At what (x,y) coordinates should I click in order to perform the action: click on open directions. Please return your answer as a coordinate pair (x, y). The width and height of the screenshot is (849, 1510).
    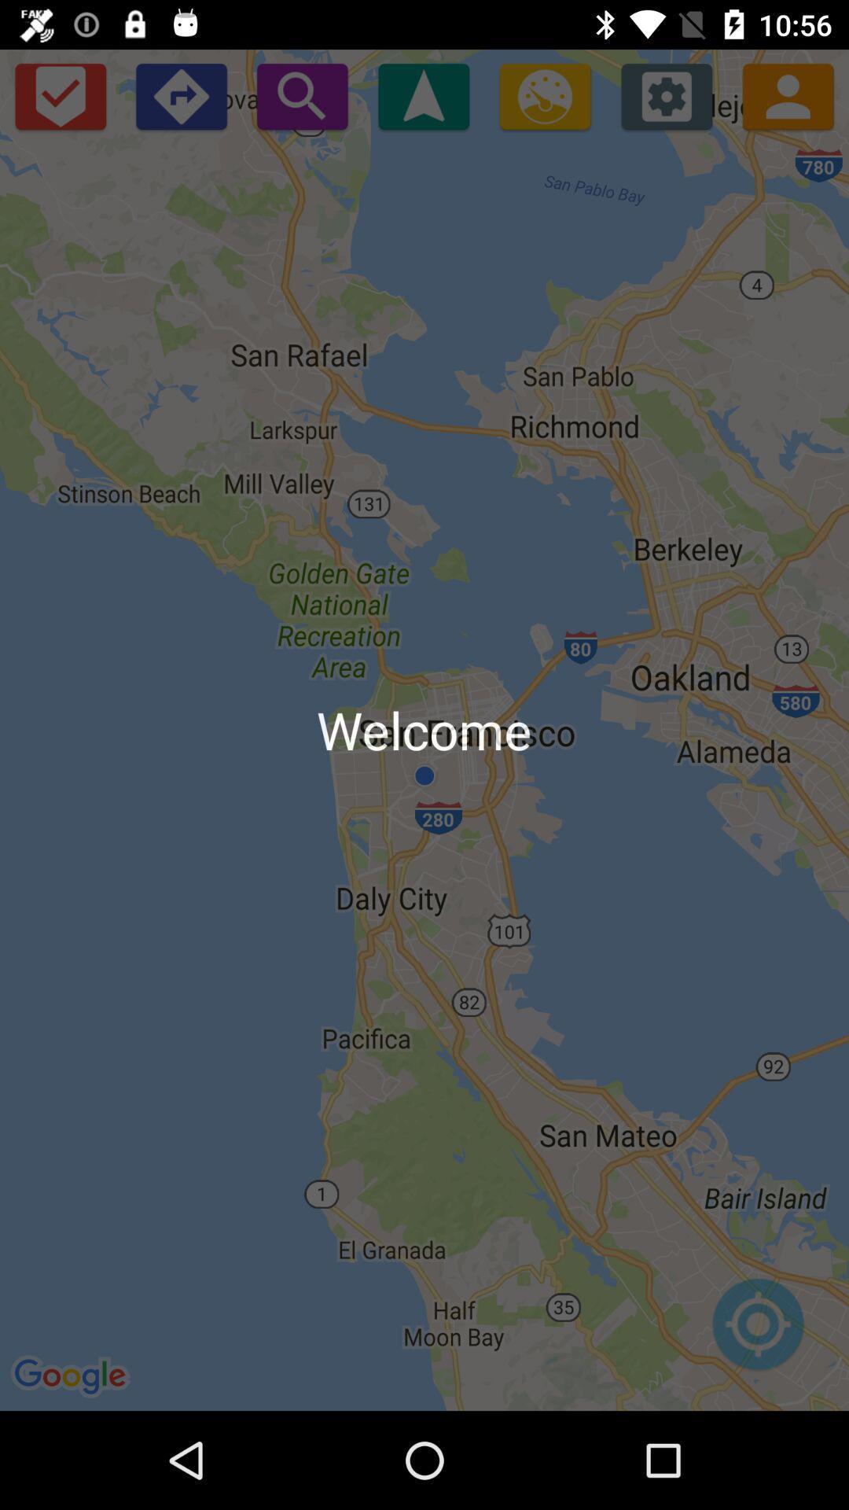
    Looking at the image, I should click on (180, 95).